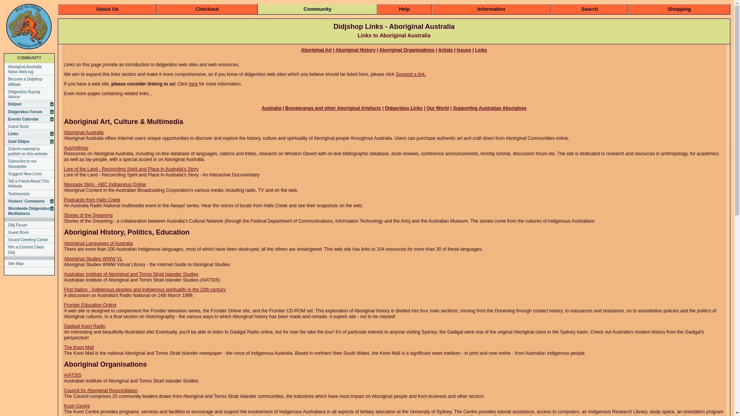 This screenshot has height=416, width=740. What do you see at coordinates (29, 239) in the screenshot?
I see `'Sound Greeting Cards!'` at bounding box center [29, 239].